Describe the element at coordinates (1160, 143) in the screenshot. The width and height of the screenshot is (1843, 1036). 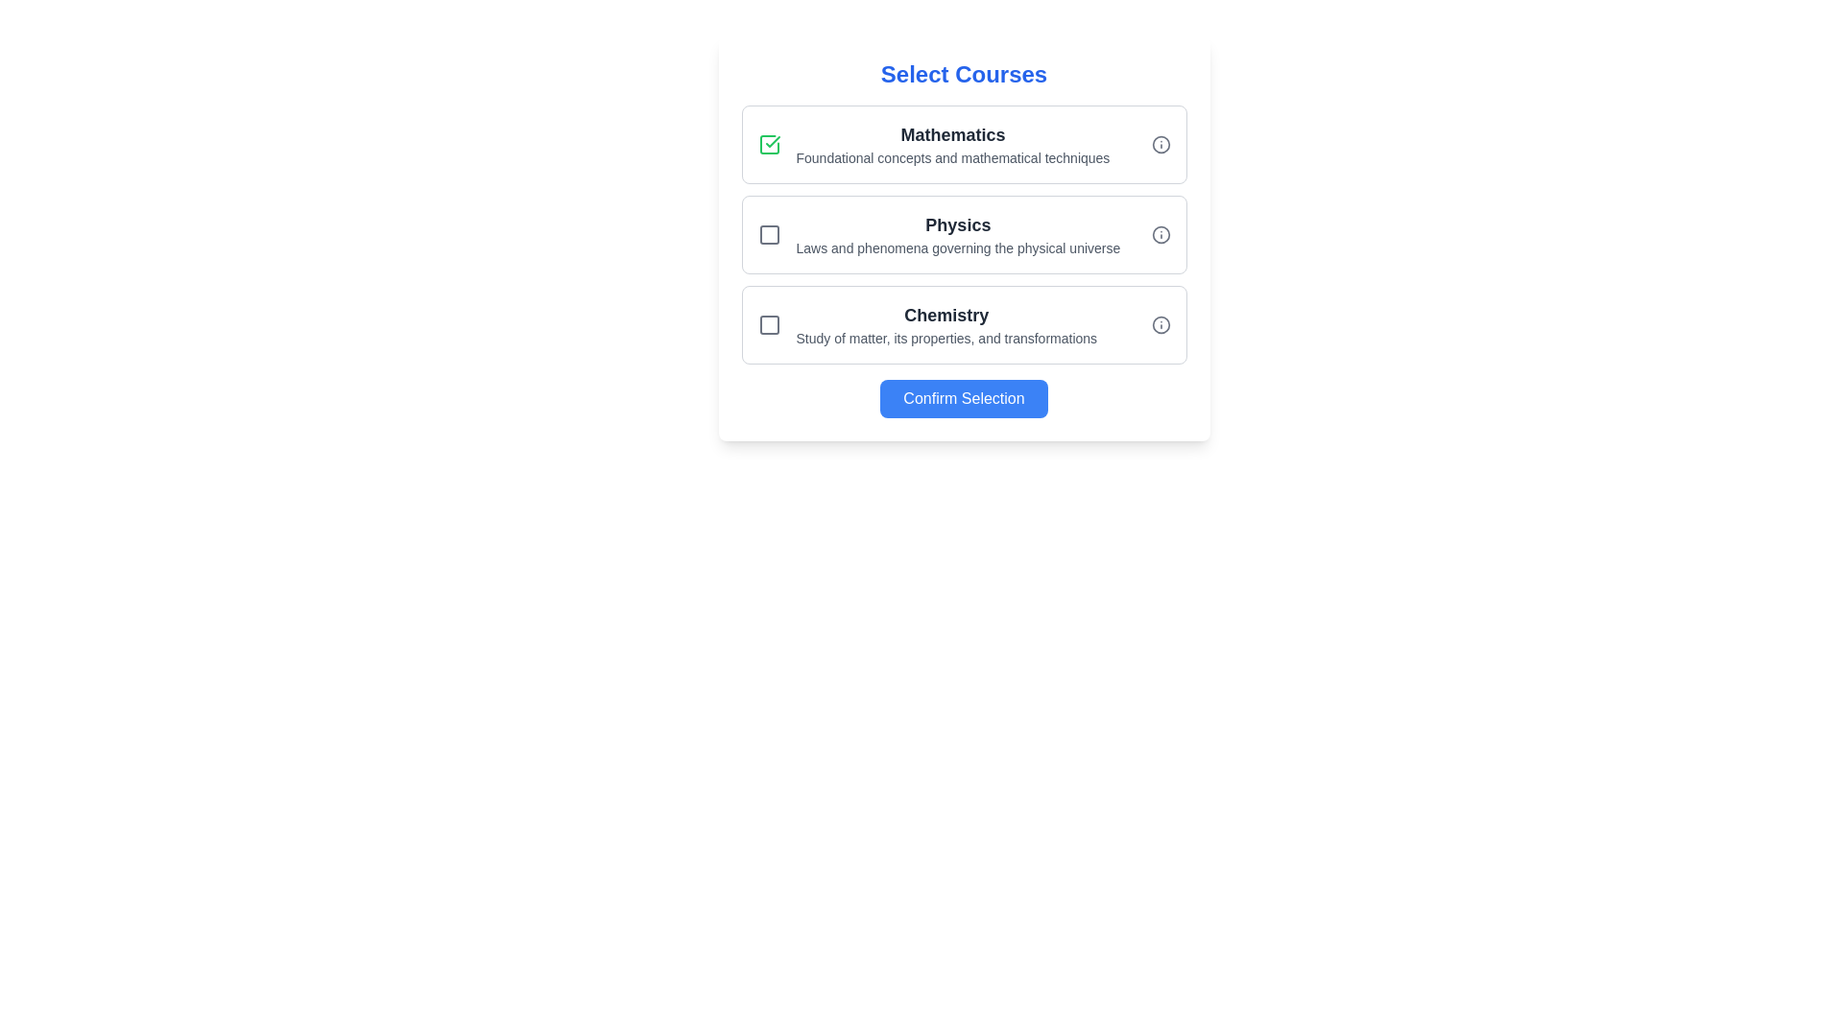
I see `the information icon located in the upper-right corner of the 'Mathematics' list card` at that location.